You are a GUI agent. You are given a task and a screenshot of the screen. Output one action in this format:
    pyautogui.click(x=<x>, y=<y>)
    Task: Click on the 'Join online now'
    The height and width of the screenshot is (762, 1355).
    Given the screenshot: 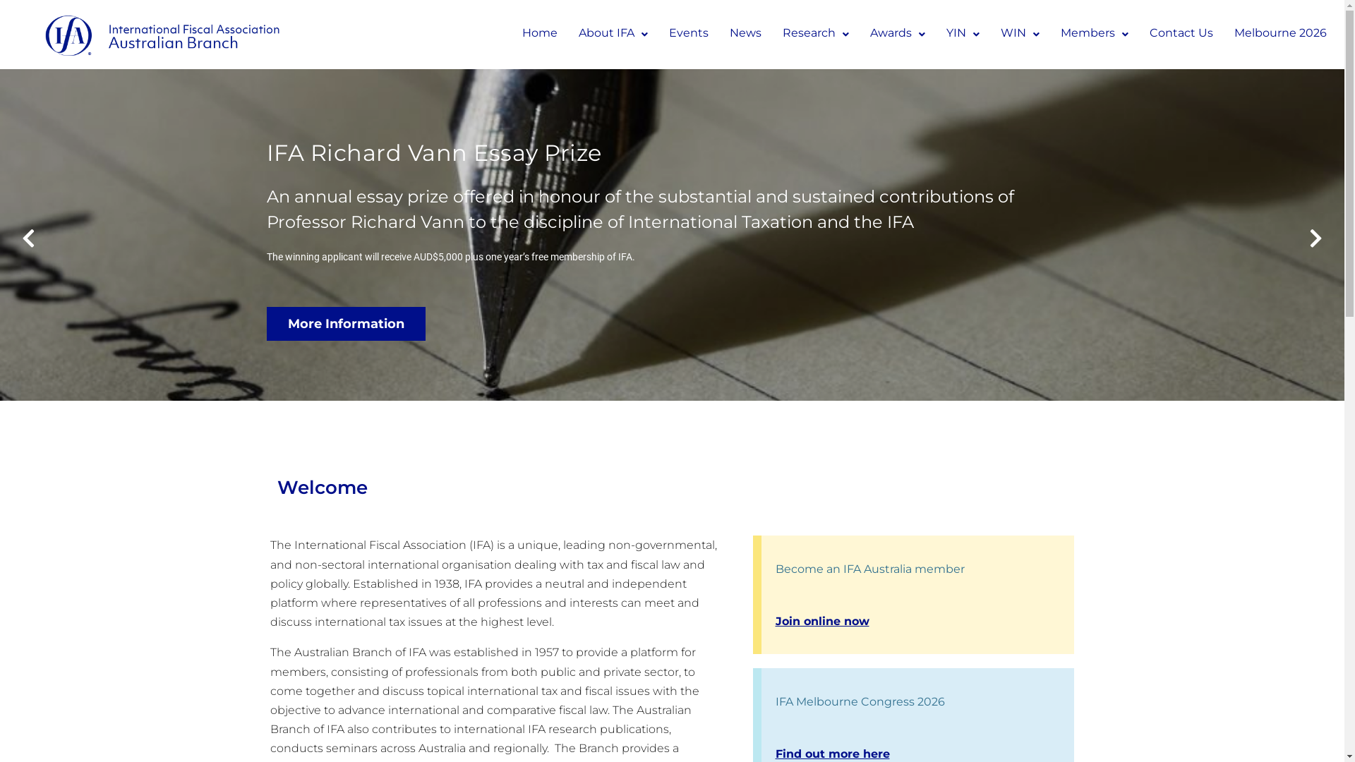 What is the action you would take?
    pyautogui.click(x=821, y=620)
    